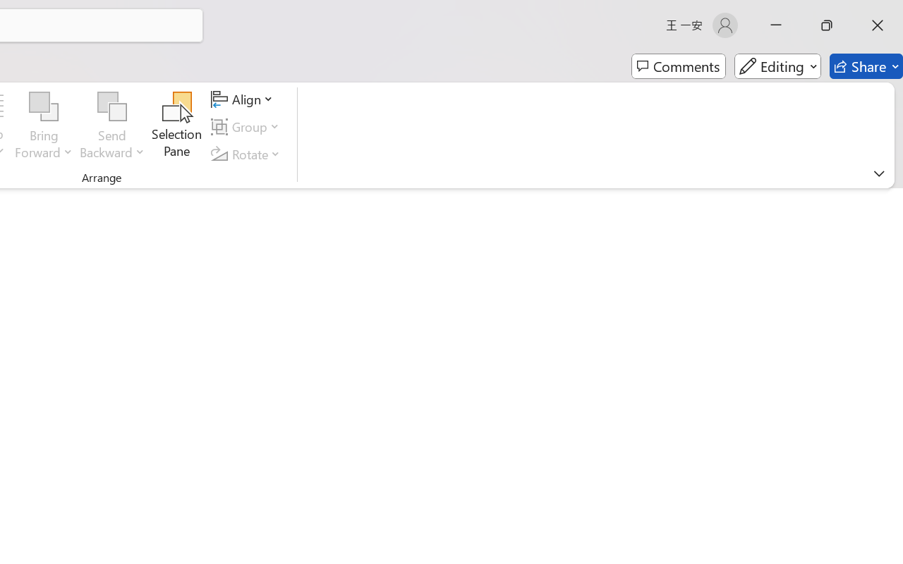  I want to click on 'Rotate', so click(248, 154).